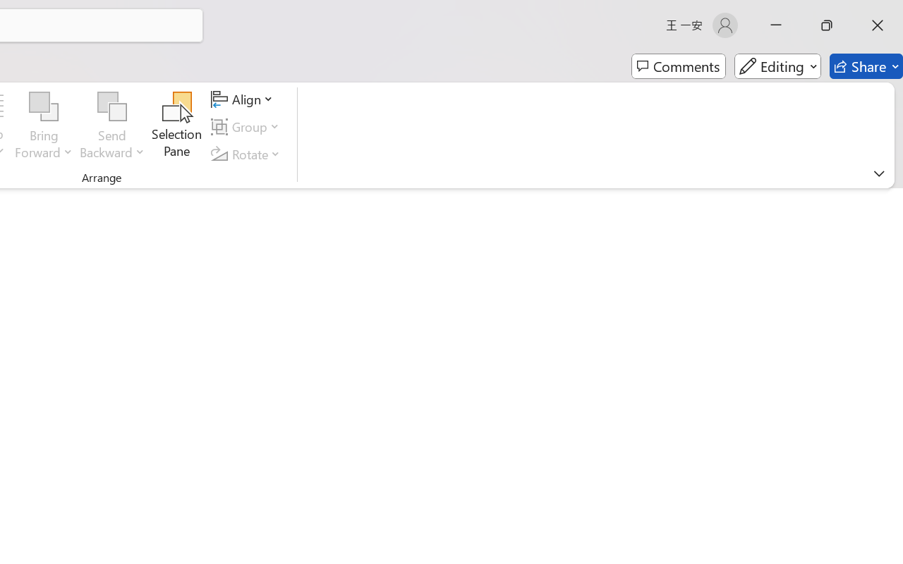  I want to click on 'Rotate', so click(248, 154).